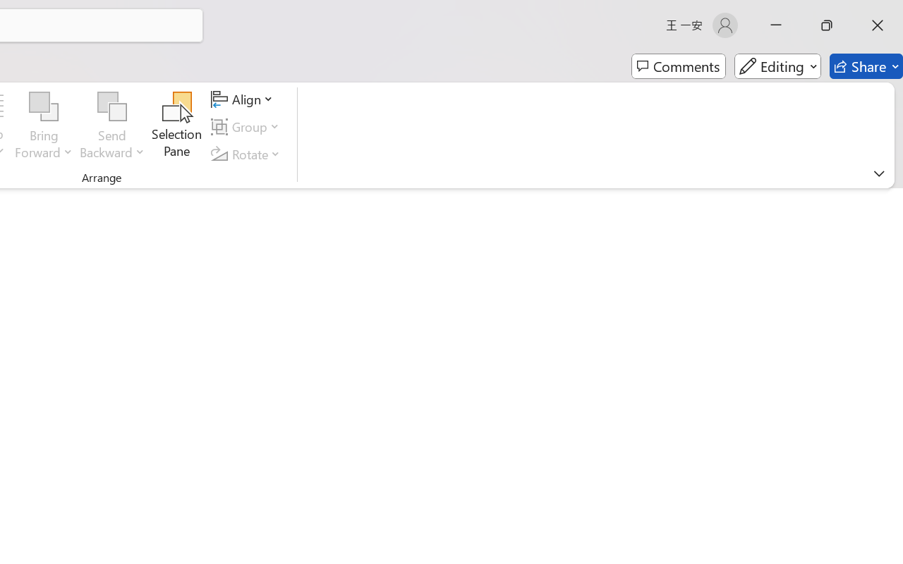  I want to click on 'Rotate', so click(248, 154).